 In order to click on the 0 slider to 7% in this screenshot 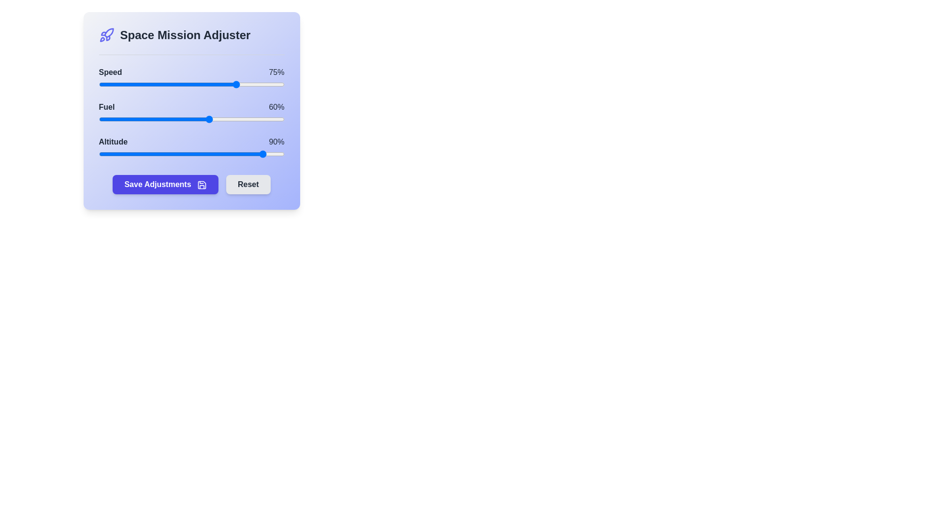, I will do `click(112, 84)`.